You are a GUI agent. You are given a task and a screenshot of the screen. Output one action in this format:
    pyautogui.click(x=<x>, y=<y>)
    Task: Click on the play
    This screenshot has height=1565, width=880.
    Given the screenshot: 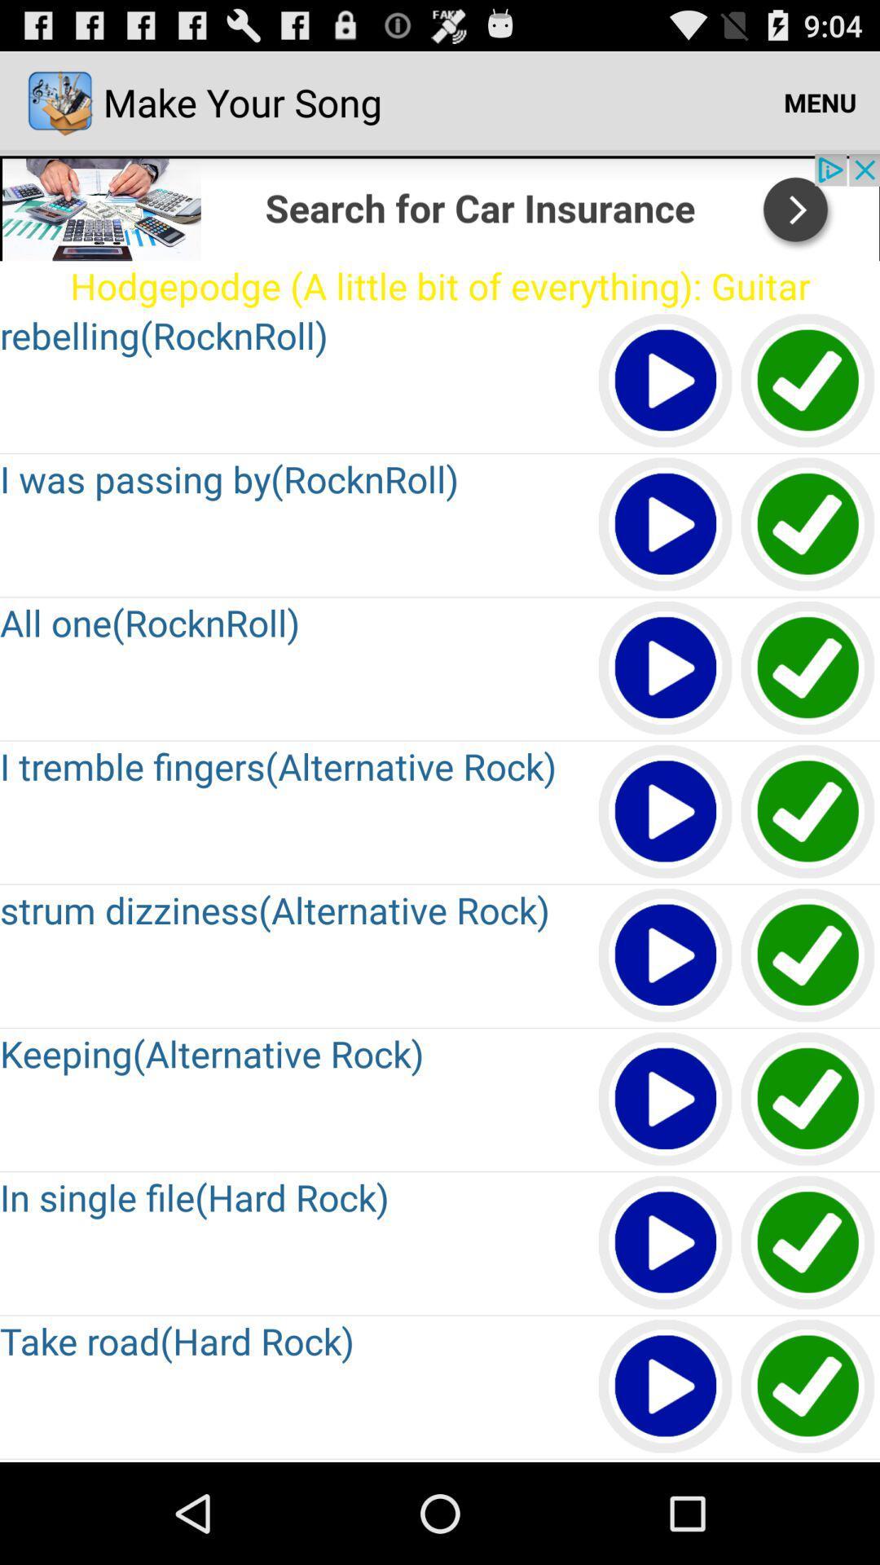 What is the action you would take?
    pyautogui.click(x=808, y=956)
    